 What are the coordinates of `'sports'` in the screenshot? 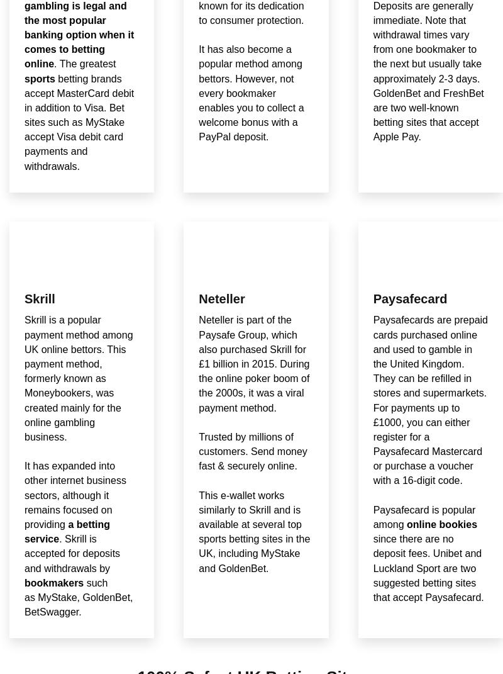 It's located at (24, 78).